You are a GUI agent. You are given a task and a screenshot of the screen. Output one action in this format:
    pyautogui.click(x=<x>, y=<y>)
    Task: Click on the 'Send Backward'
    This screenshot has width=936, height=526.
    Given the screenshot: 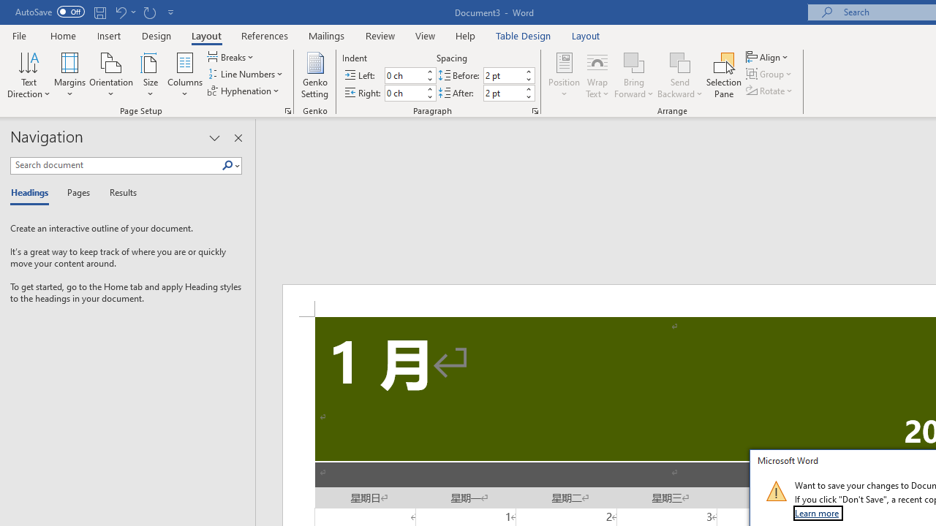 What is the action you would take?
    pyautogui.click(x=679, y=61)
    